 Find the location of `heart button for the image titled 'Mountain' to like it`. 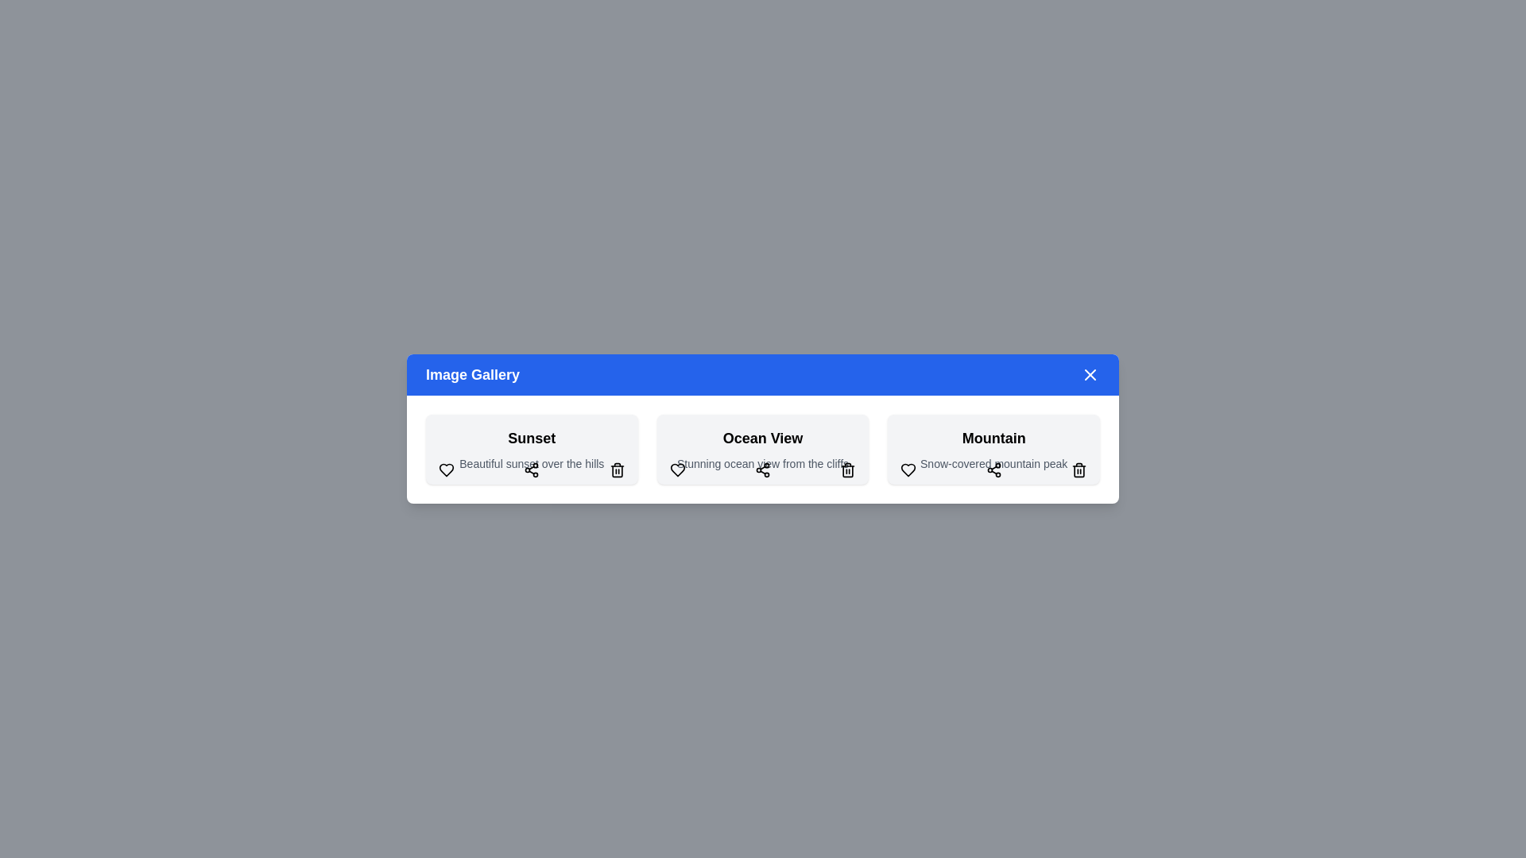

heart button for the image titled 'Mountain' to like it is located at coordinates (908, 469).